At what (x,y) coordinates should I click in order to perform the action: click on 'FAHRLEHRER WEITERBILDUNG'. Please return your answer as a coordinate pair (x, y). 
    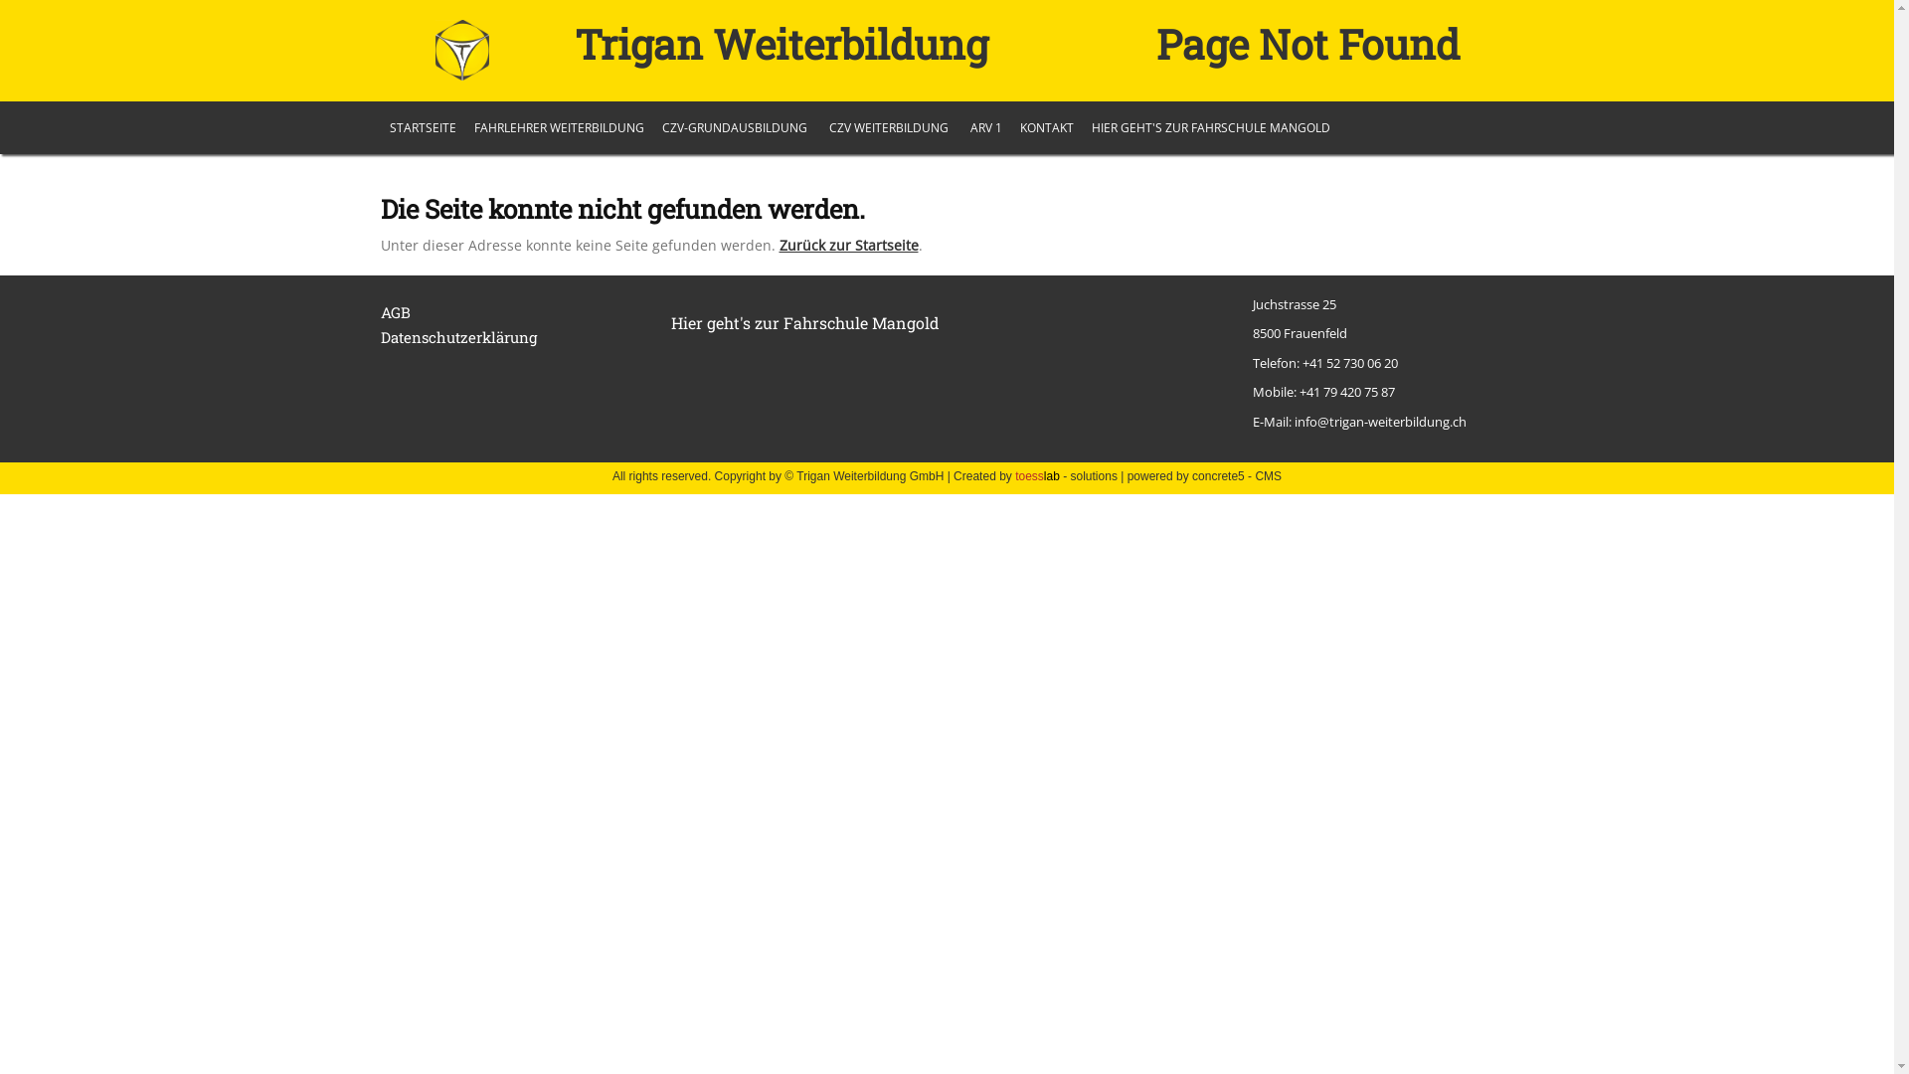
    Looking at the image, I should click on (558, 127).